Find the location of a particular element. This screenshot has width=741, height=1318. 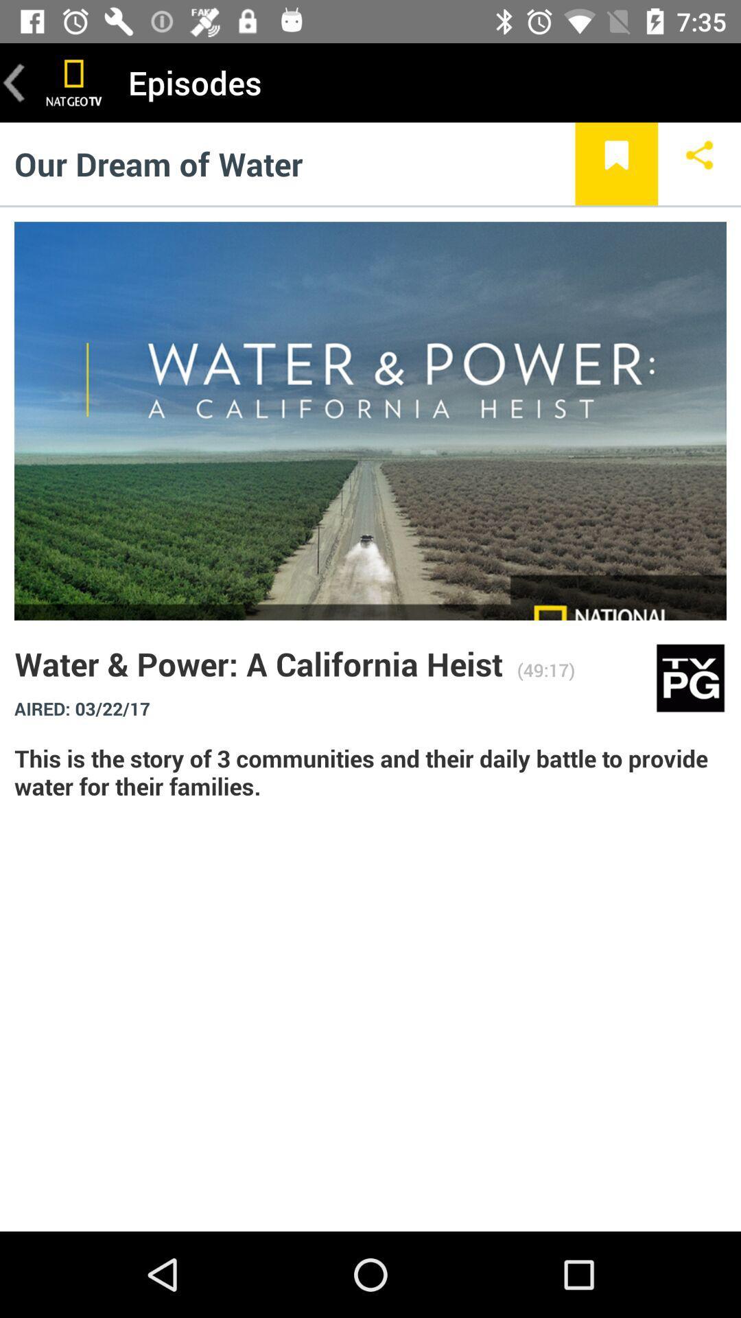

natgeotv is located at coordinates (74, 82).